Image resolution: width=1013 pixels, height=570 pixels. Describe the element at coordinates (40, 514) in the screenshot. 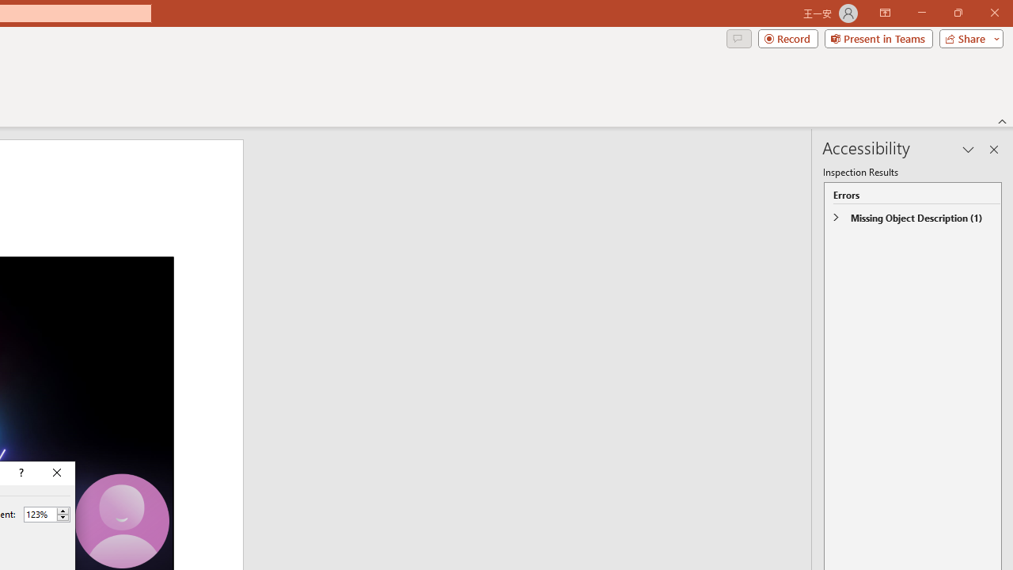

I see `'Percent'` at that location.